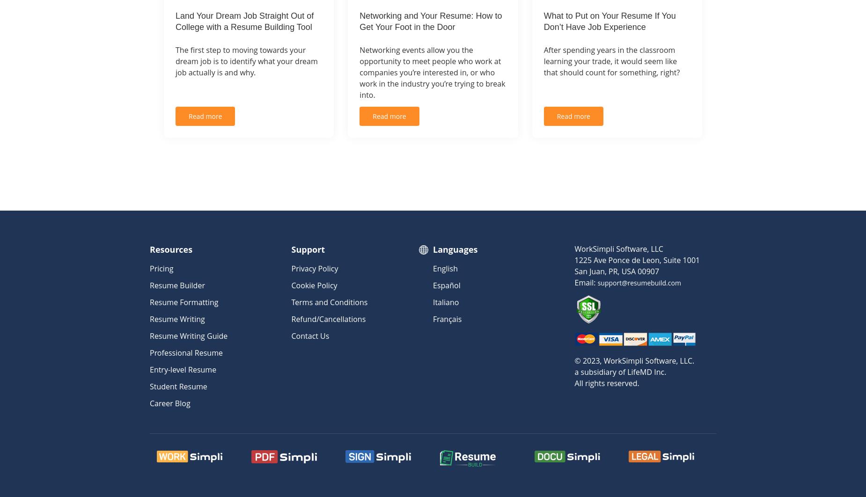 This screenshot has height=497, width=866. I want to click on 'Support', so click(291, 248).